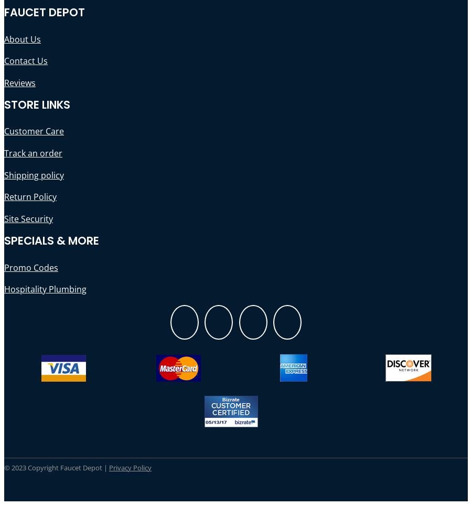 The width and height of the screenshot is (472, 505). Describe the element at coordinates (37, 104) in the screenshot. I see `'Store Links'` at that location.